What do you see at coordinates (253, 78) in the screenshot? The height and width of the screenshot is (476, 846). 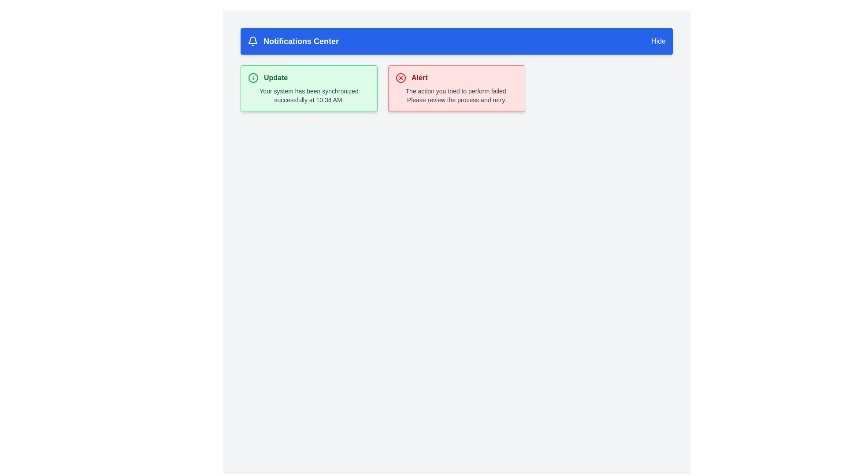 I see `the informational graphic icon located within the 'Update' notification card, which is aligned to the left of the word 'Update'` at bounding box center [253, 78].